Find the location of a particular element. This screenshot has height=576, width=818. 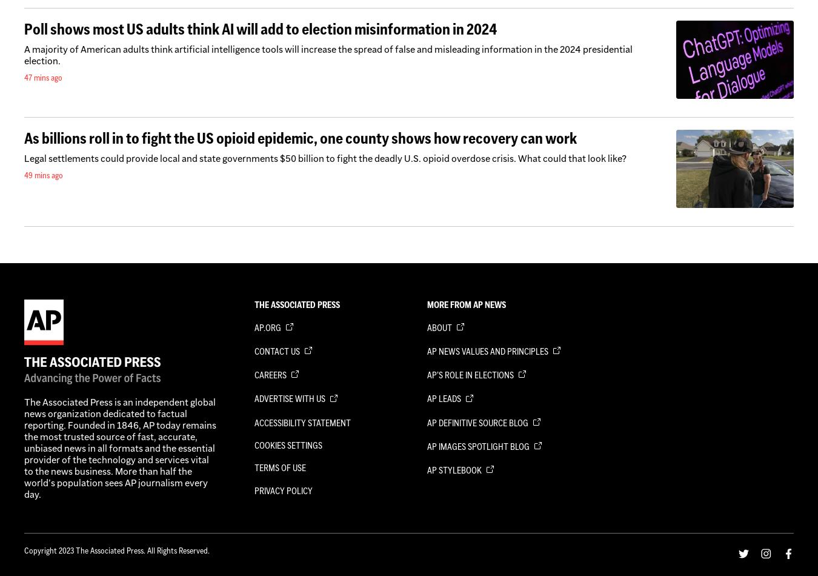

'About' is located at coordinates (439, 327).